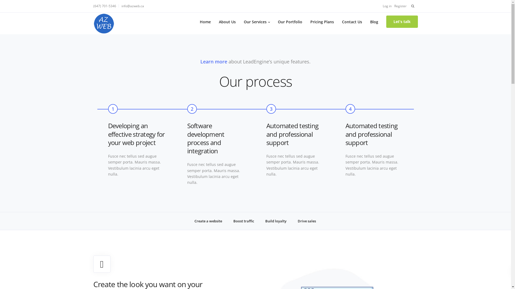 The height and width of the screenshot is (289, 515). Describe the element at coordinates (387, 6) in the screenshot. I see `'Log in'` at that location.